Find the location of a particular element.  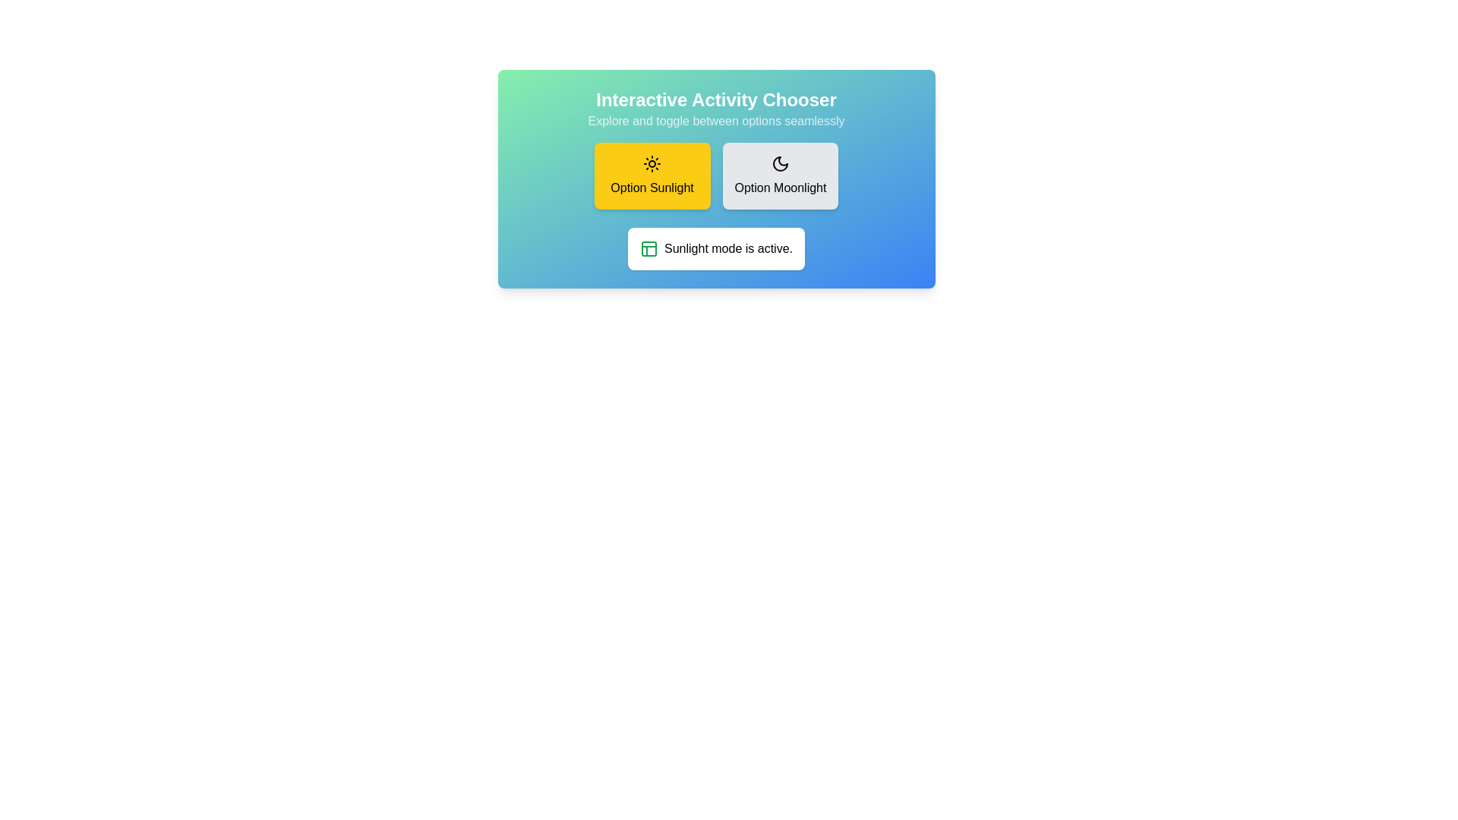

the Text display element that contains the text 'Explore and toggle between options seamlessly', which is positioned below the bold title 'Interactive Activity Chooser' is located at coordinates (715, 120).